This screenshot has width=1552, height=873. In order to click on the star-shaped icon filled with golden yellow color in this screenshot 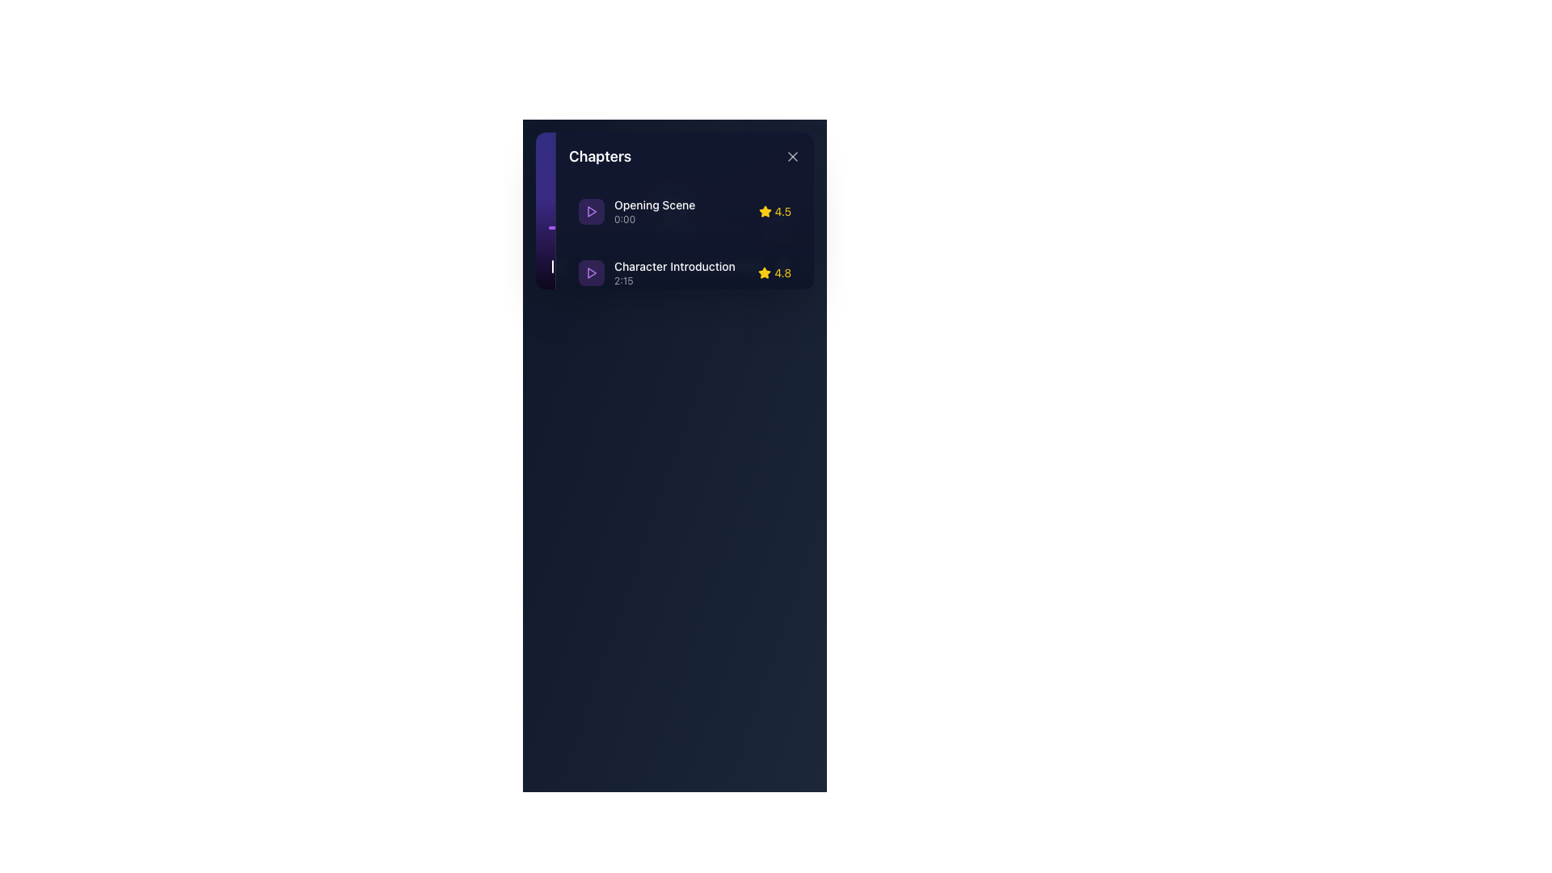, I will do `click(764, 272)`.